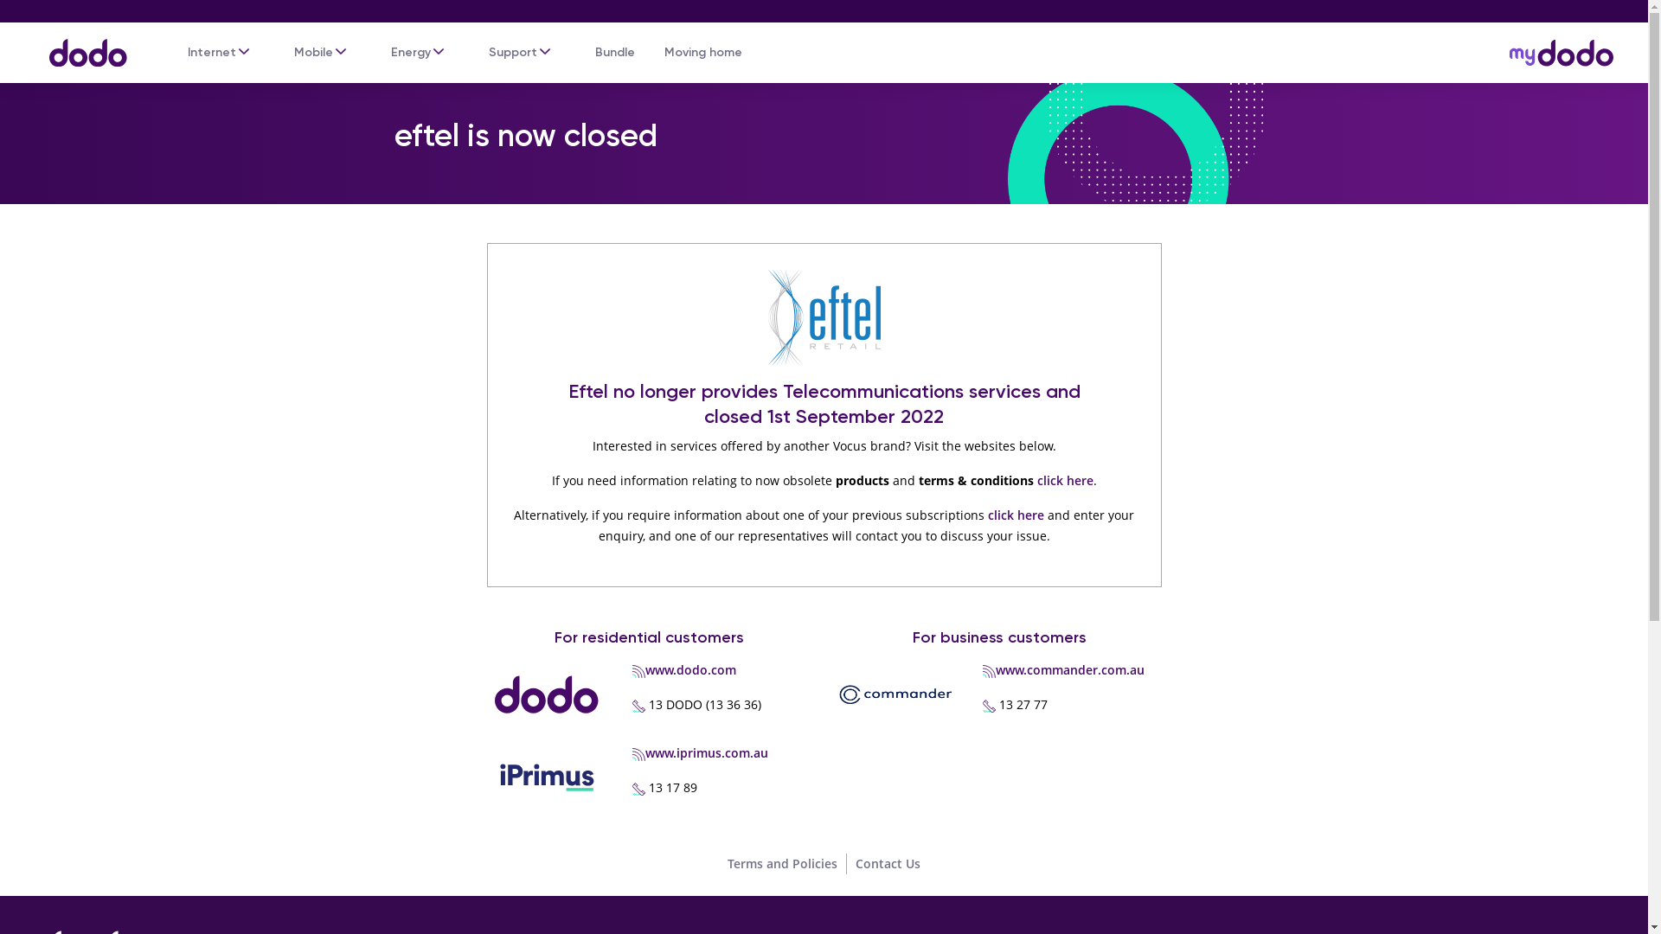 The height and width of the screenshot is (934, 1661). I want to click on 'Support', so click(512, 52).